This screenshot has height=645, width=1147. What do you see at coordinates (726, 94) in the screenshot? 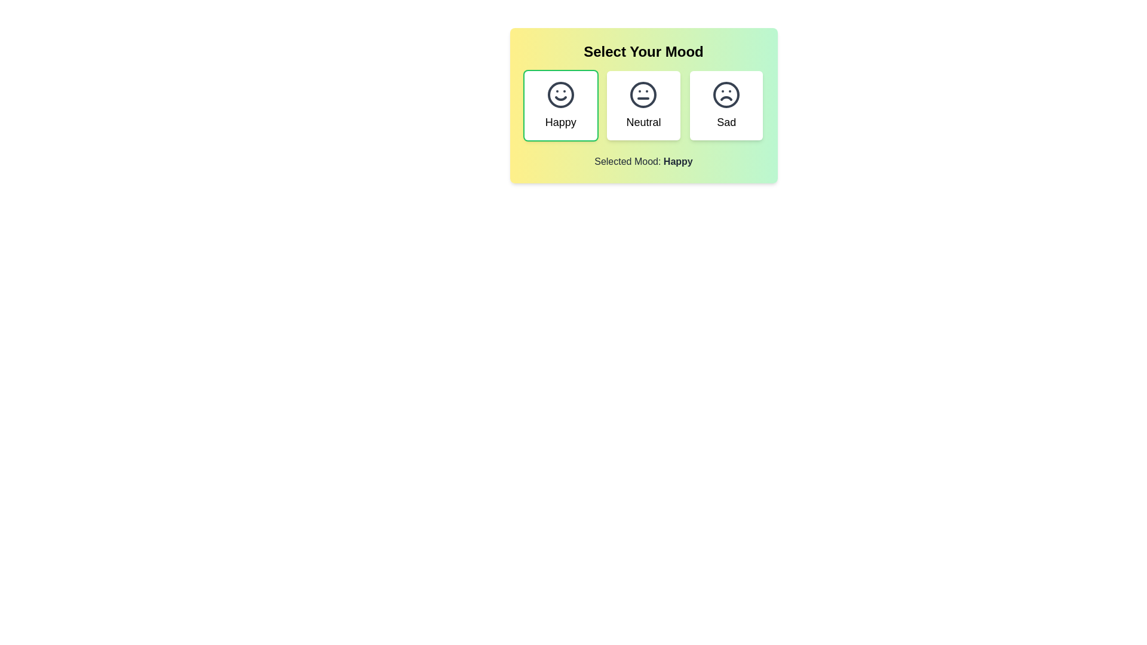
I see `the circular graphical element indicating the 'sad' mood option, which is the third option in the mood selection panel located below the text 'Sad'` at bounding box center [726, 94].